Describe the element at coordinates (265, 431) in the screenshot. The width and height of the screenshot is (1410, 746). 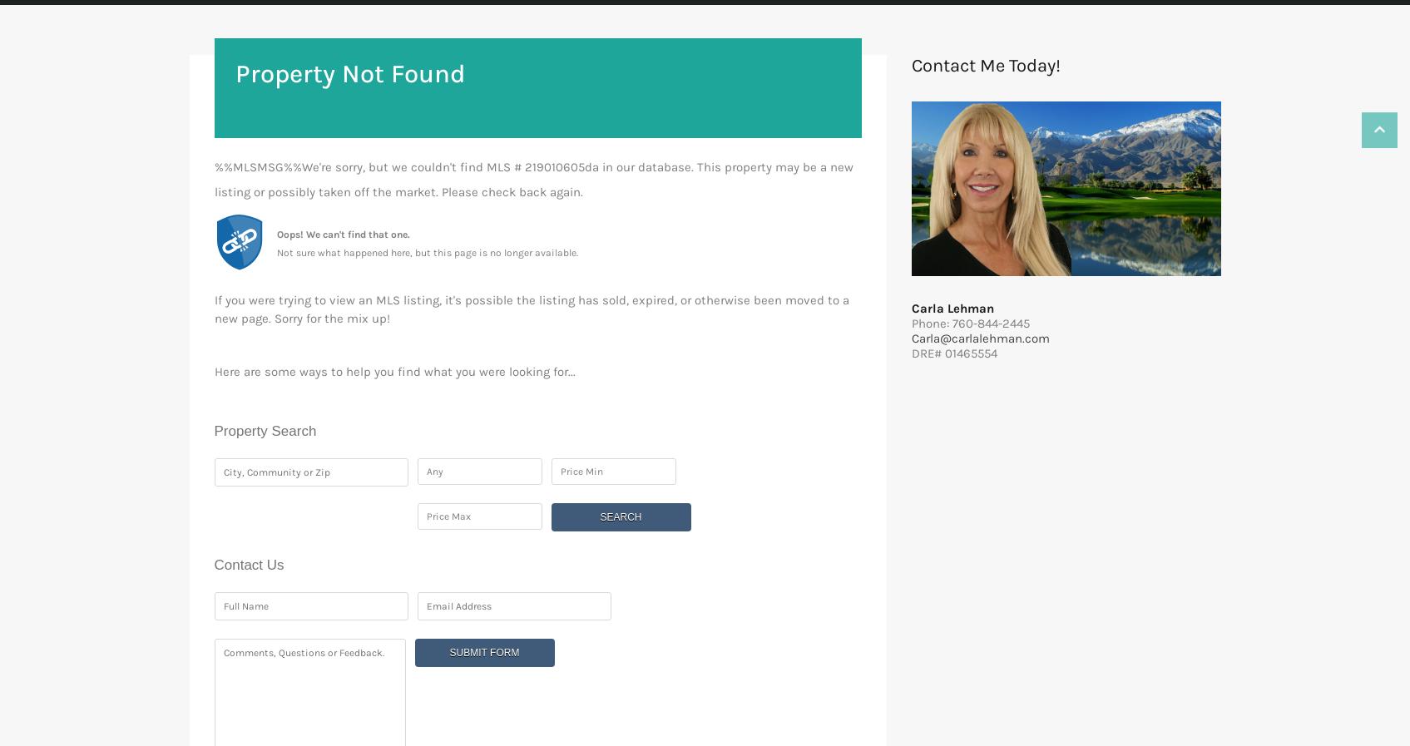
I see `'Property Search'` at that location.